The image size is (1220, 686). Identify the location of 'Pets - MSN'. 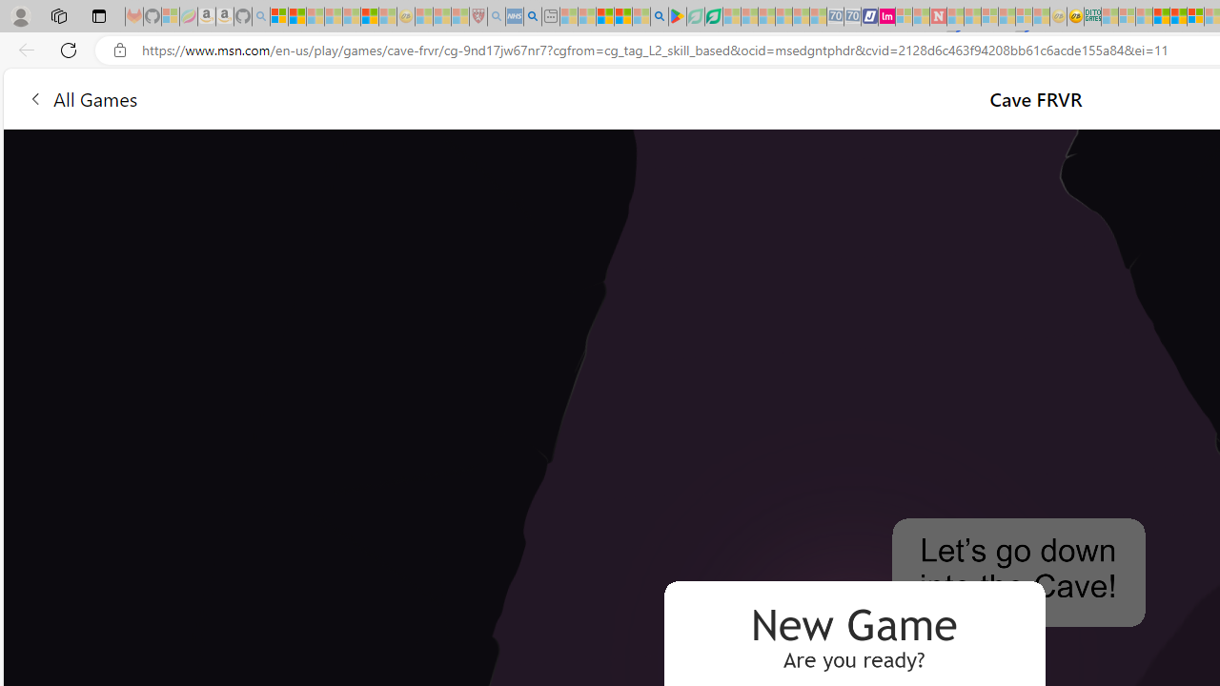
(623, 16).